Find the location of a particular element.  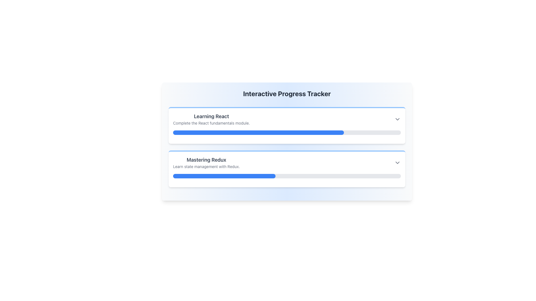

the progress bar indicating 45% completion located below the 'Mastering Redux' section heading is located at coordinates (224, 176).